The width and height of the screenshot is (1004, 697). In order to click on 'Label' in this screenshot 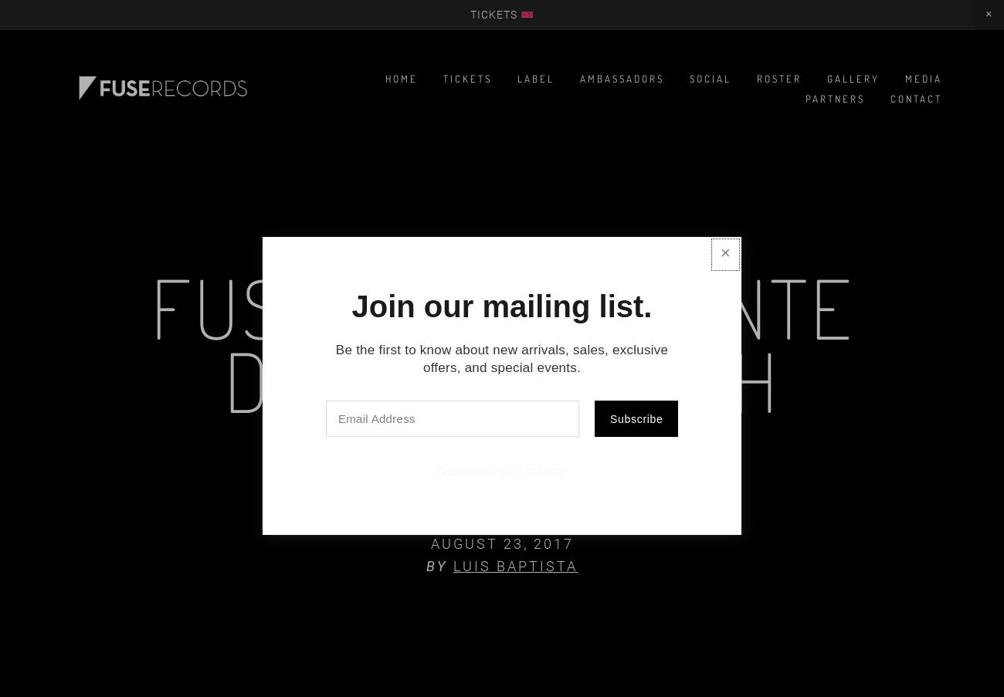, I will do `click(534, 79)`.